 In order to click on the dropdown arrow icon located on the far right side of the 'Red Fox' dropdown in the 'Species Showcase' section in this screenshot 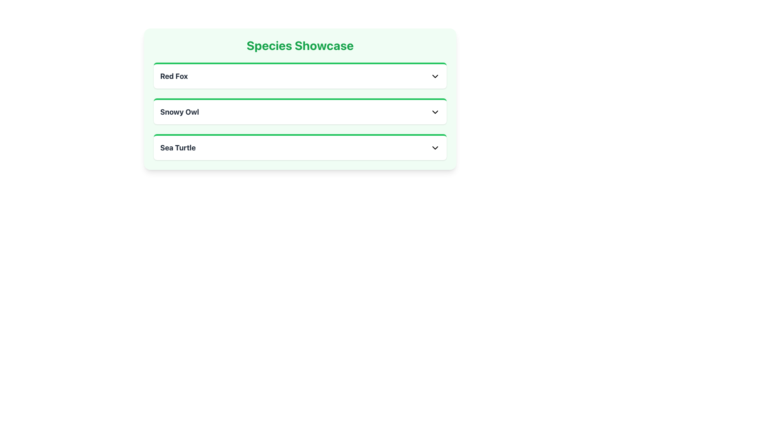, I will do `click(435, 76)`.